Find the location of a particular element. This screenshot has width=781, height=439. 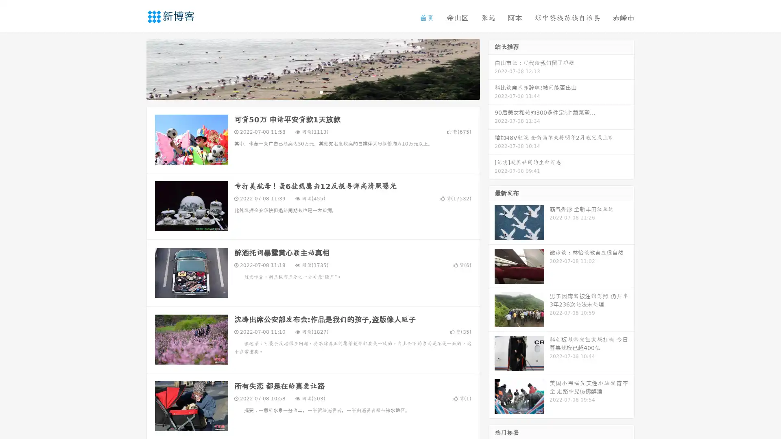

Go to slide 2 is located at coordinates (312, 91).